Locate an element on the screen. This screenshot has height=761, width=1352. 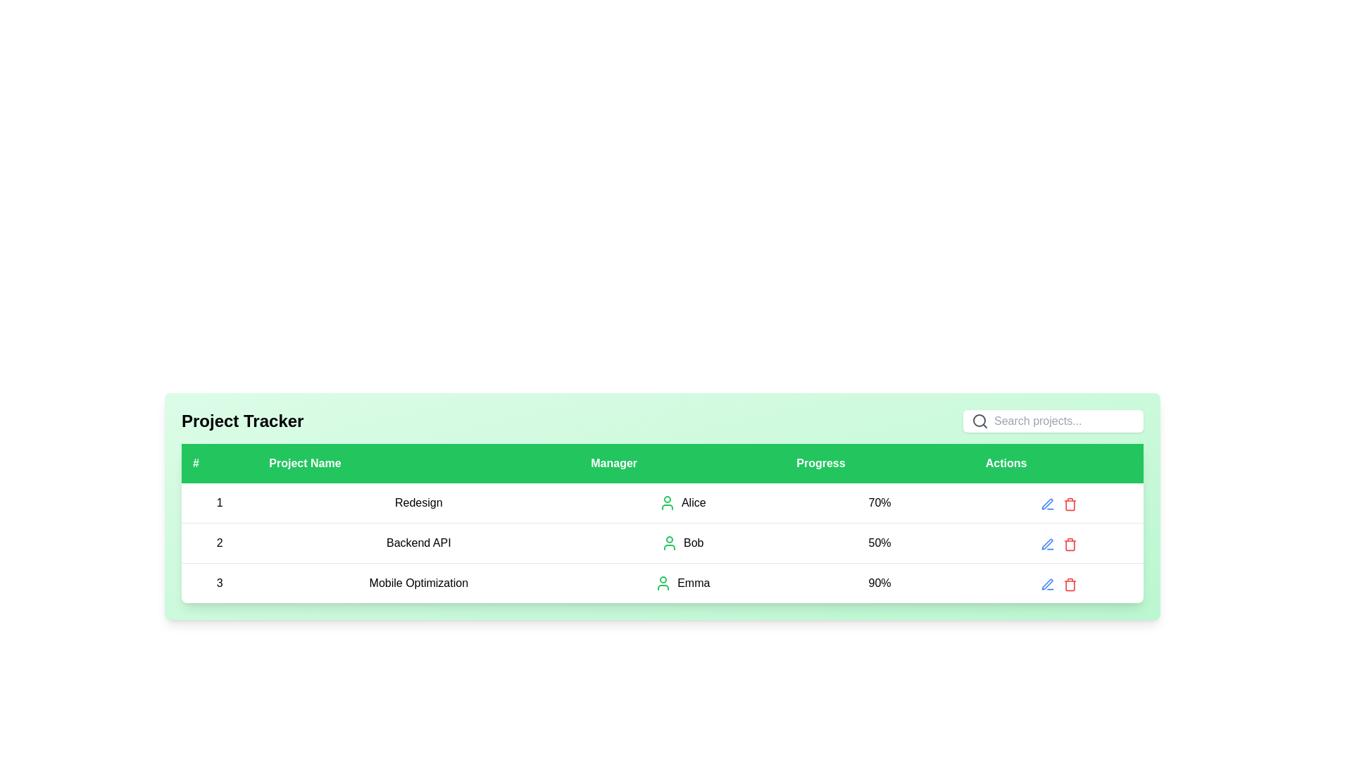
the text 'Alice' with the user icon in the 'Manager' column for the 'Redesign' row, as it may have interactive capabilities is located at coordinates (682, 502).